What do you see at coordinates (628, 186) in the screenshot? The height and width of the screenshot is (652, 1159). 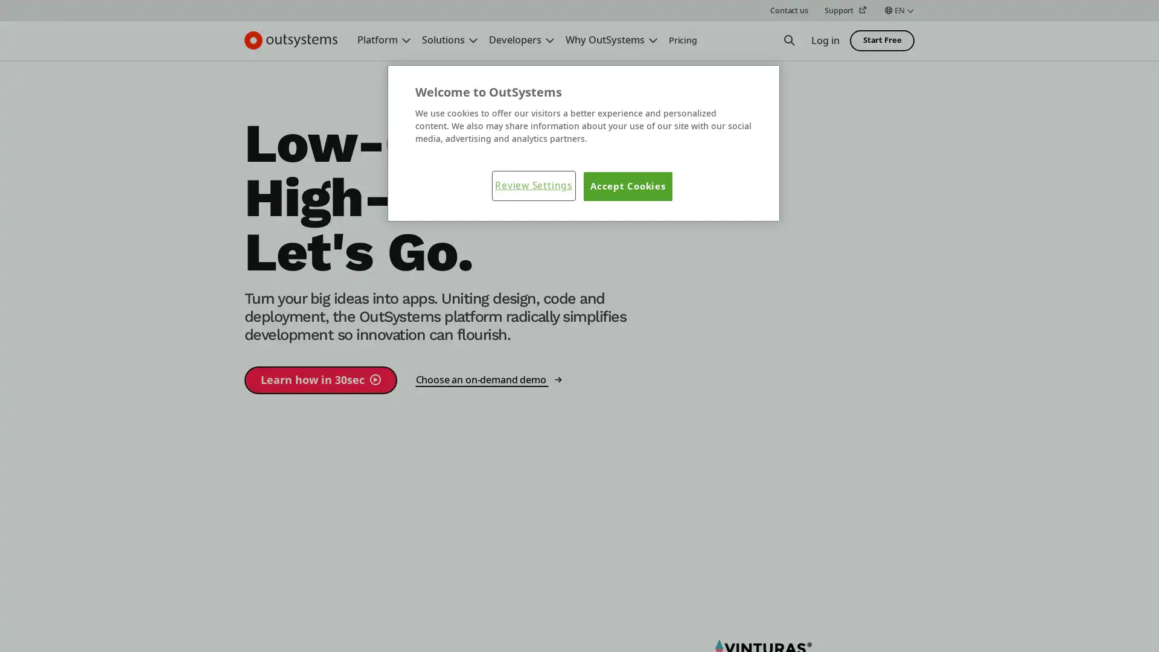 I see `Accept Cookies` at bounding box center [628, 186].